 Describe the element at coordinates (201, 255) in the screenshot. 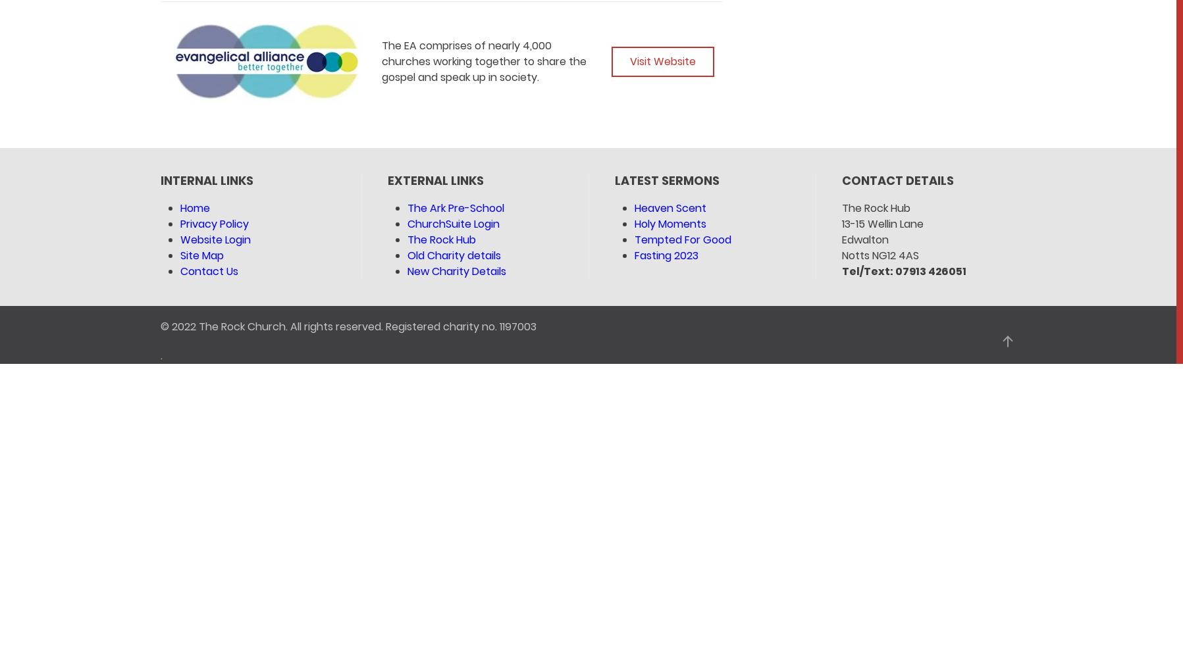

I see `'Site Map'` at that location.